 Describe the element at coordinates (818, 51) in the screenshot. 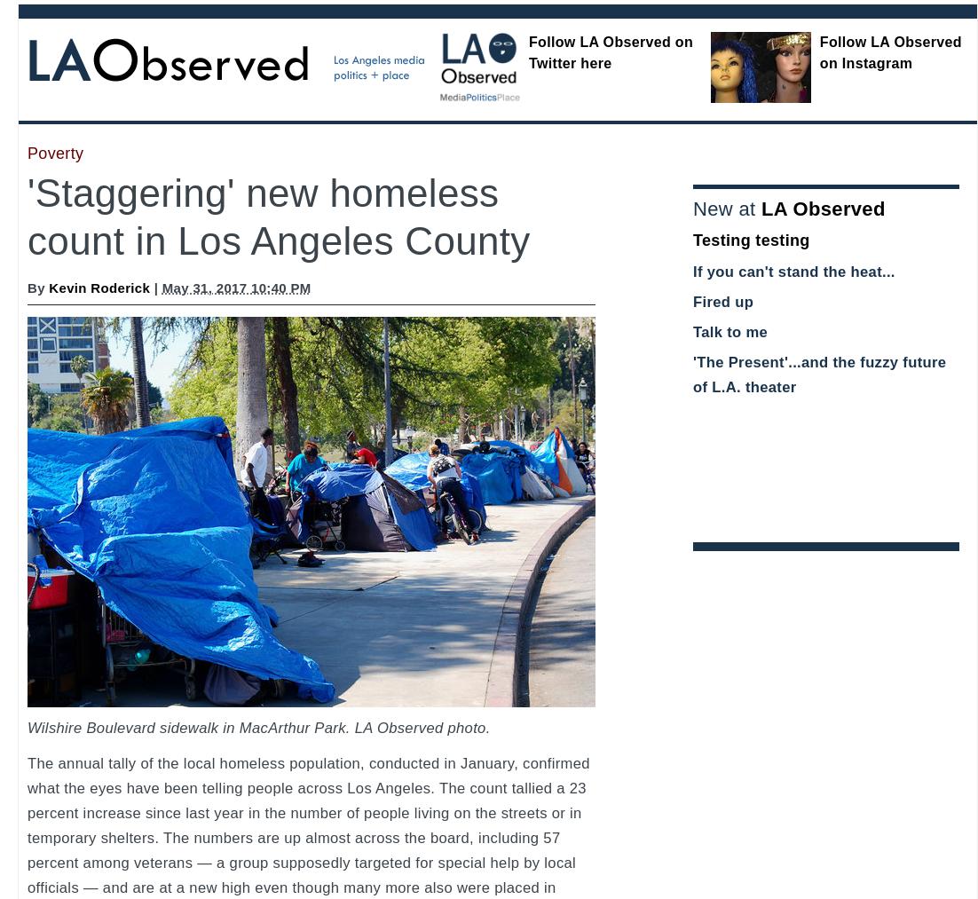

I see `'Follow LA Observed on Instagram'` at that location.